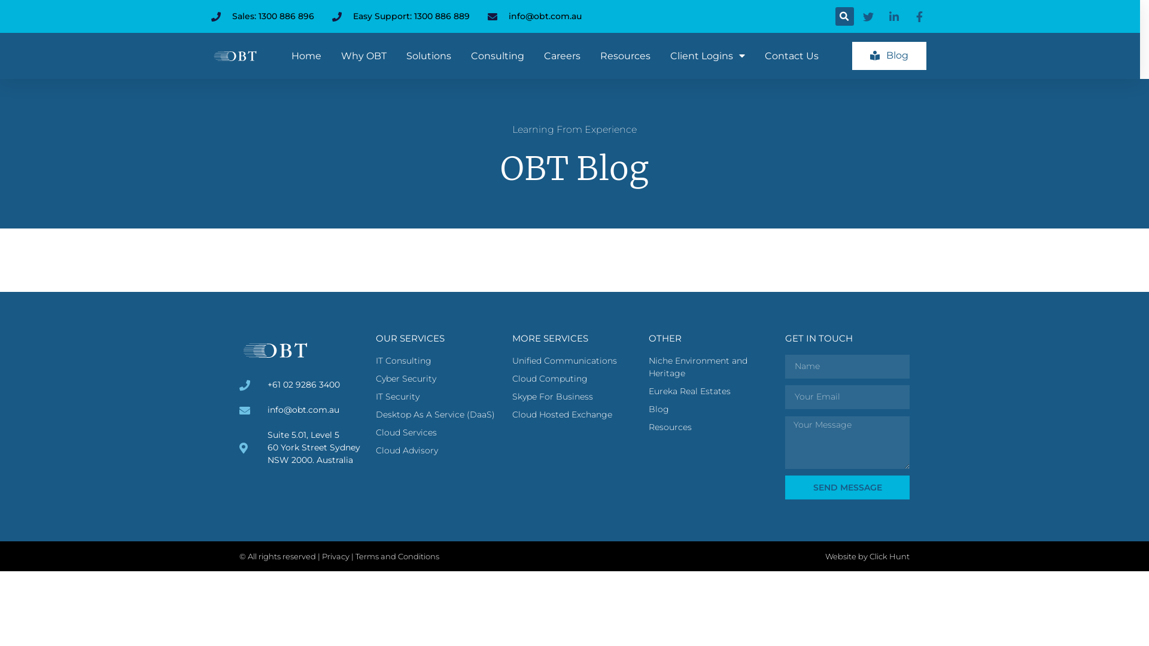 Image resolution: width=1149 pixels, height=646 pixels. I want to click on 'Why OBT', so click(341, 55).